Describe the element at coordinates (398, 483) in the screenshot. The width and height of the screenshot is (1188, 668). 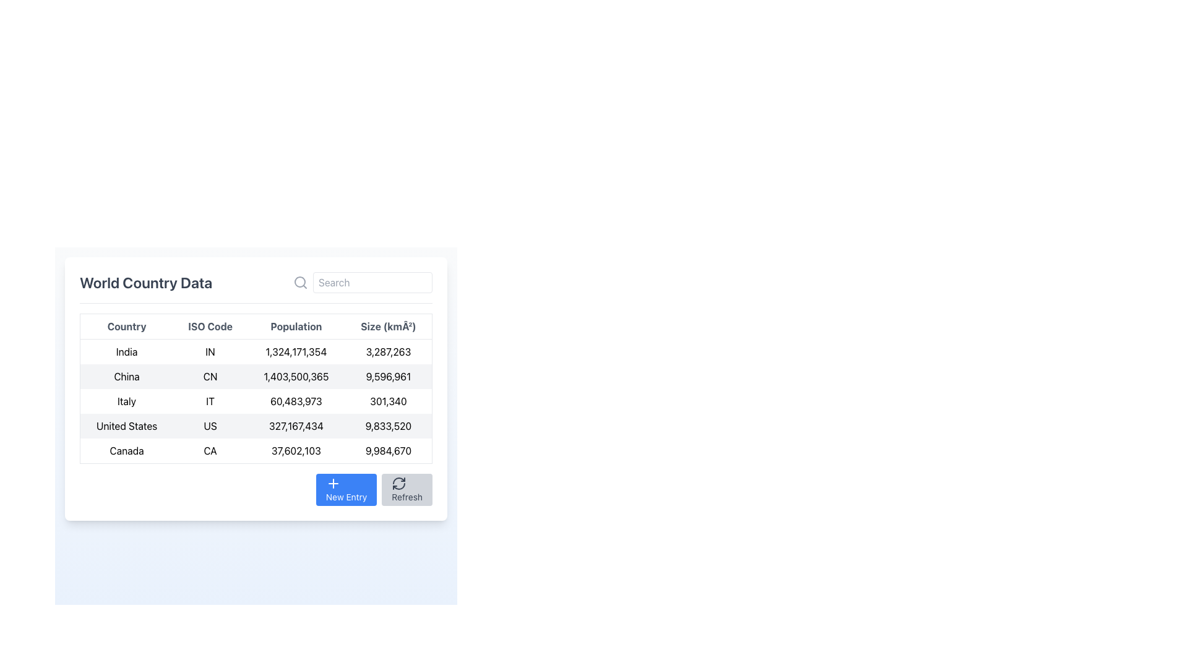
I see `the refresh icon located within the 'Refresh' button at the bottom-right corner of the interface to refresh the data` at that location.